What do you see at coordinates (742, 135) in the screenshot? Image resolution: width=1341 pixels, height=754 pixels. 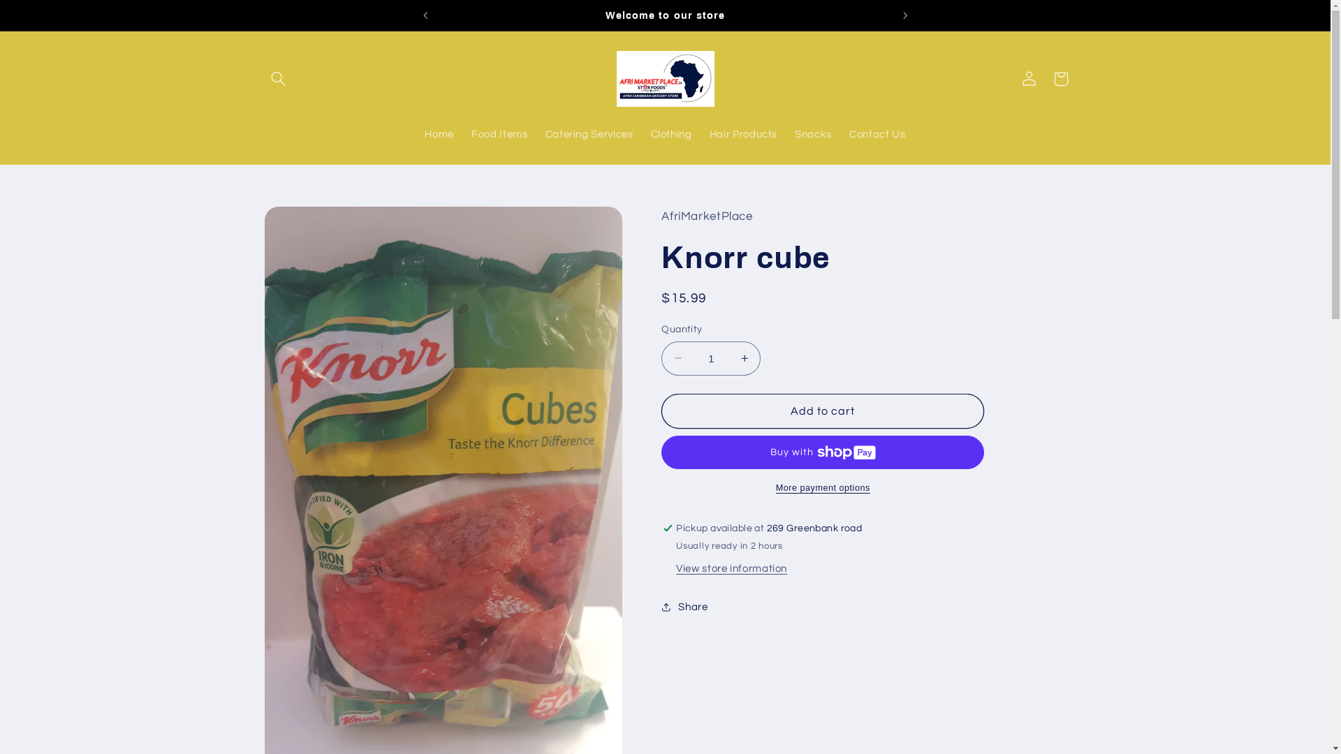 I see `'Hair Products'` at bounding box center [742, 135].